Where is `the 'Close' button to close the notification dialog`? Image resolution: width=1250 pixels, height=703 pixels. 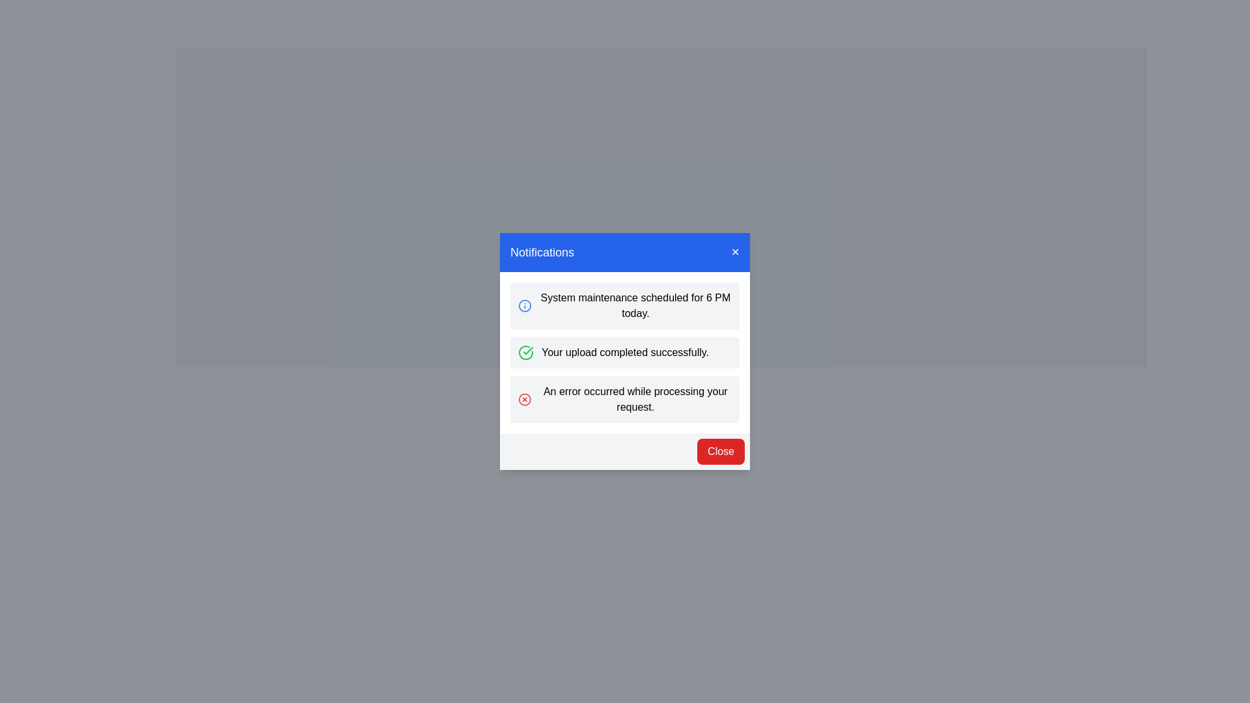
the 'Close' button to close the notification dialog is located at coordinates (720, 451).